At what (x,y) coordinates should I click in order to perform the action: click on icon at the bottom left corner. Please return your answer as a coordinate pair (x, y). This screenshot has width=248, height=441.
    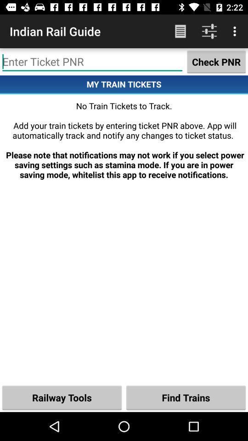
    Looking at the image, I should click on (62, 397).